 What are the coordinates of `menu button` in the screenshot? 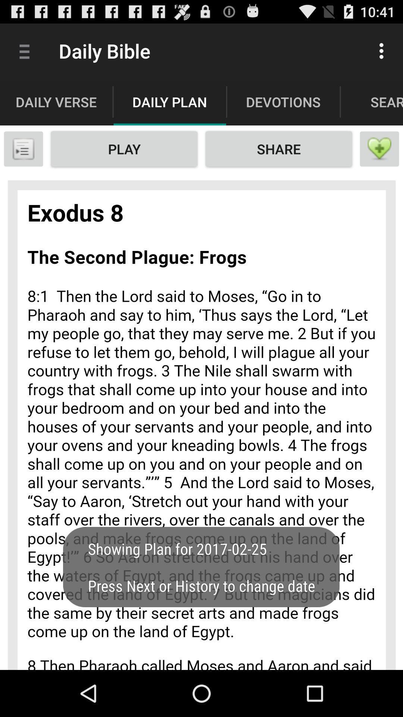 It's located at (23, 149).